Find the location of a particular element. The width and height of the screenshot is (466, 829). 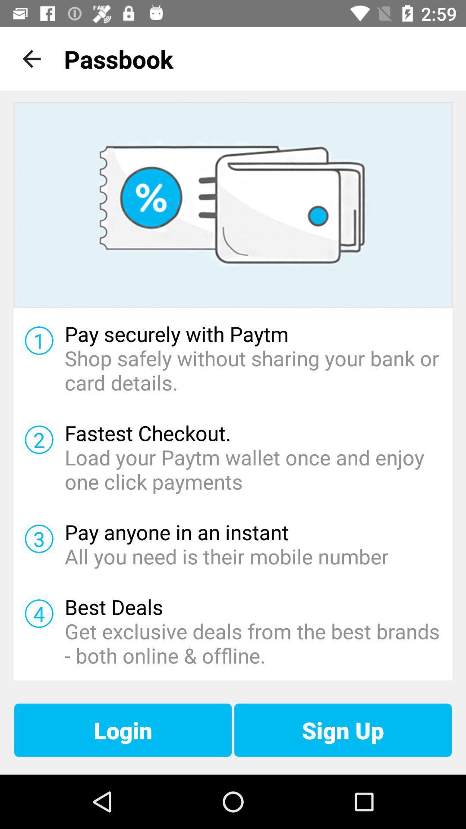

the icon next to login icon is located at coordinates (342, 730).